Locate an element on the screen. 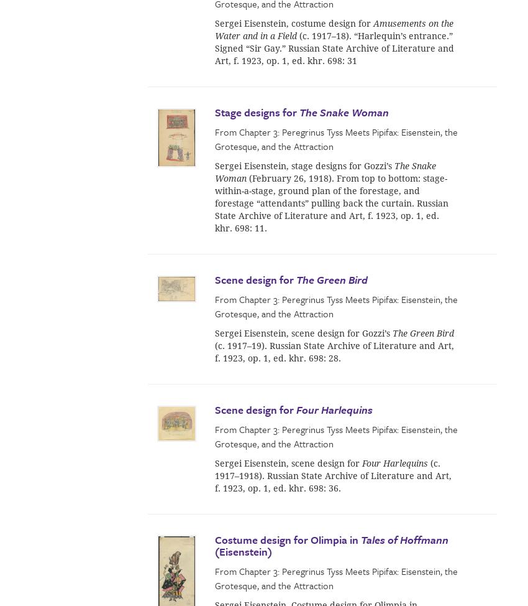 This screenshot has width=528, height=606. 'Sergei Eisenstein, costume design for' is located at coordinates (214, 23).